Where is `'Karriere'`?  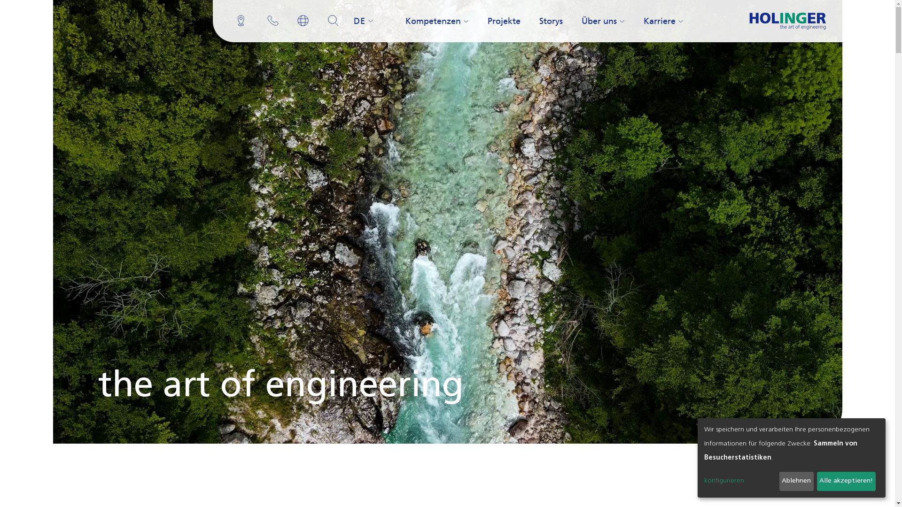
'Karriere' is located at coordinates (639, 21).